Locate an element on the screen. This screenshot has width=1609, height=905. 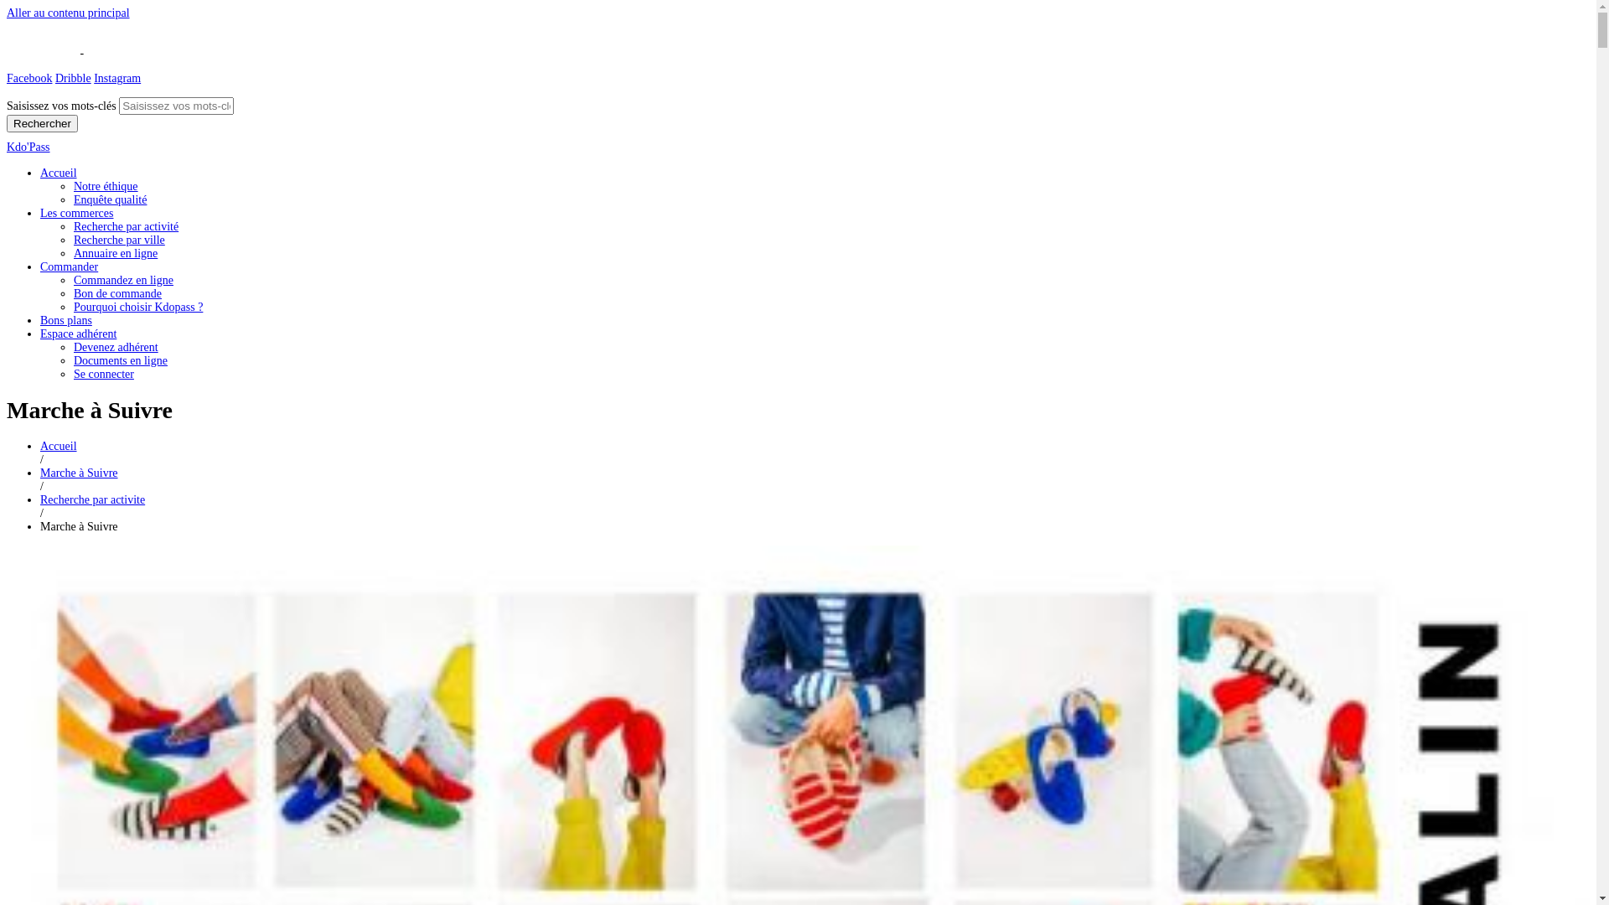
'Instagram' is located at coordinates (116, 78).